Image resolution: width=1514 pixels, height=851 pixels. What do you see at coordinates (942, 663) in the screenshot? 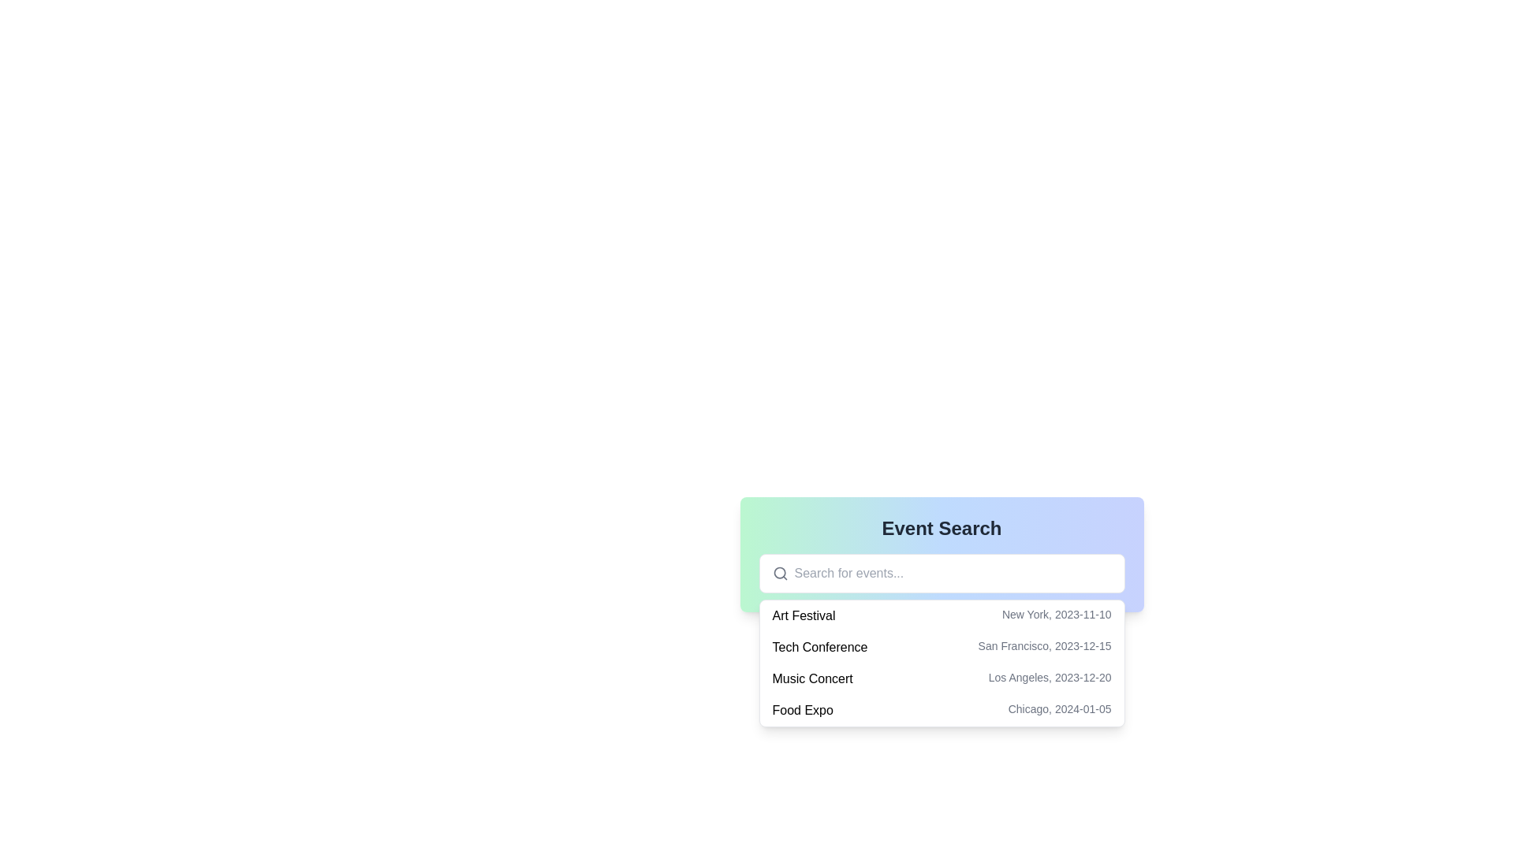
I see `the dropdown menu used for selecting events, located beneath the search input field in the 'Event Search' section of the page` at bounding box center [942, 663].